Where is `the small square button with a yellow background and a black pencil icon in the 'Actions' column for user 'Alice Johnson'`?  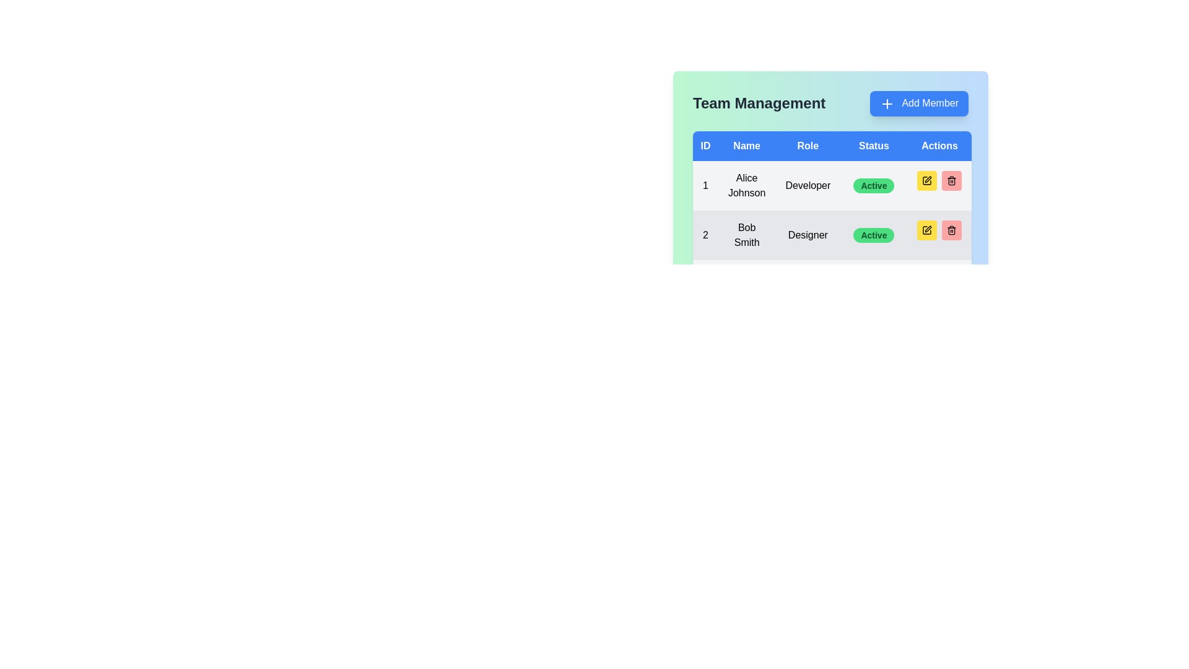 the small square button with a yellow background and a black pencil icon in the 'Actions' column for user 'Alice Johnson' is located at coordinates (927, 180).